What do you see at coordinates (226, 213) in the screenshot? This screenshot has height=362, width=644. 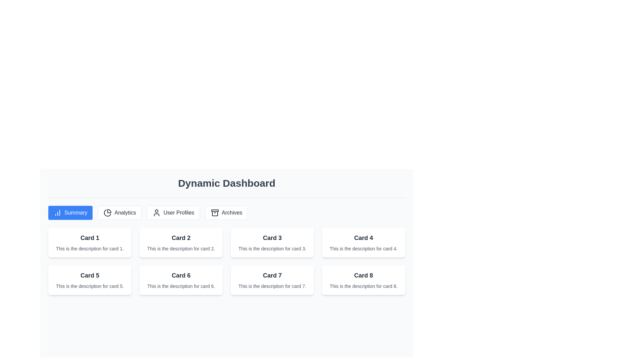 I see `the 'Archives' button, which has a white background, gray border, rounded corners, an archive box icon on the left, and dark gray text on the right` at bounding box center [226, 213].